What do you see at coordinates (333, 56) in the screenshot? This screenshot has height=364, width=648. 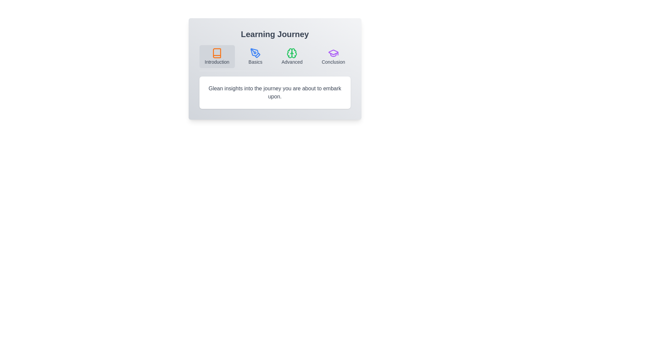 I see `the Conclusion button to view its content` at bounding box center [333, 56].